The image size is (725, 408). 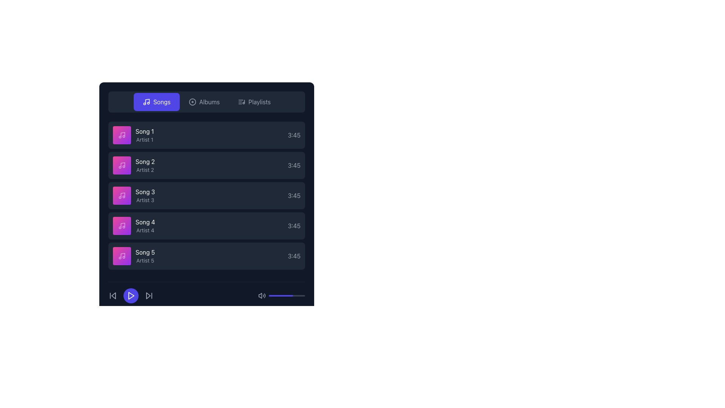 What do you see at coordinates (145, 165) in the screenshot?
I see `the second song item in the list under the 'Songs' header` at bounding box center [145, 165].